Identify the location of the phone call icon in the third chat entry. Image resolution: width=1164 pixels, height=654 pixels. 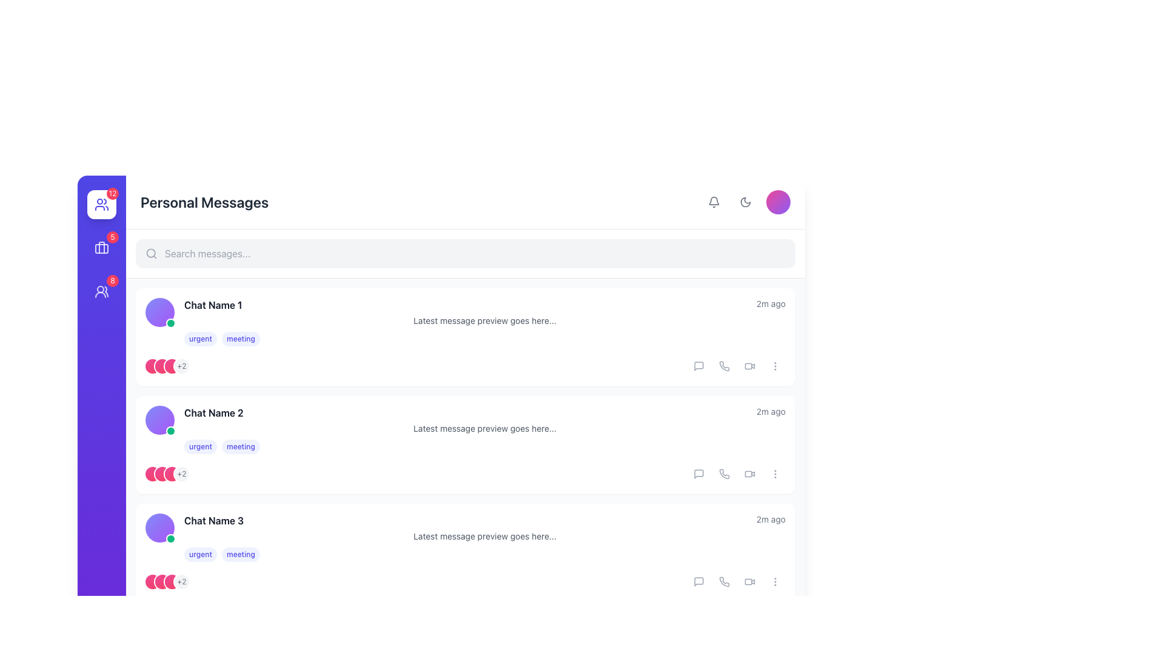
(724, 474).